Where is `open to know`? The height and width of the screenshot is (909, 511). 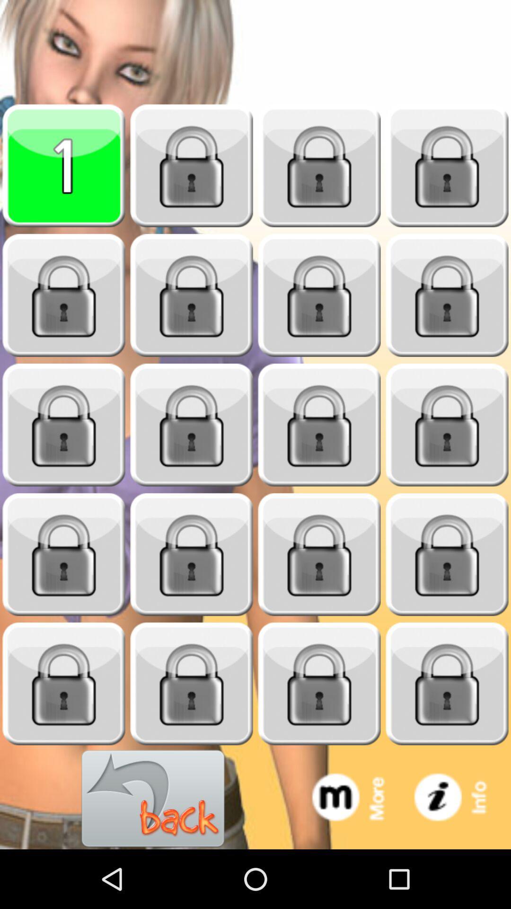 open to know is located at coordinates (192, 684).